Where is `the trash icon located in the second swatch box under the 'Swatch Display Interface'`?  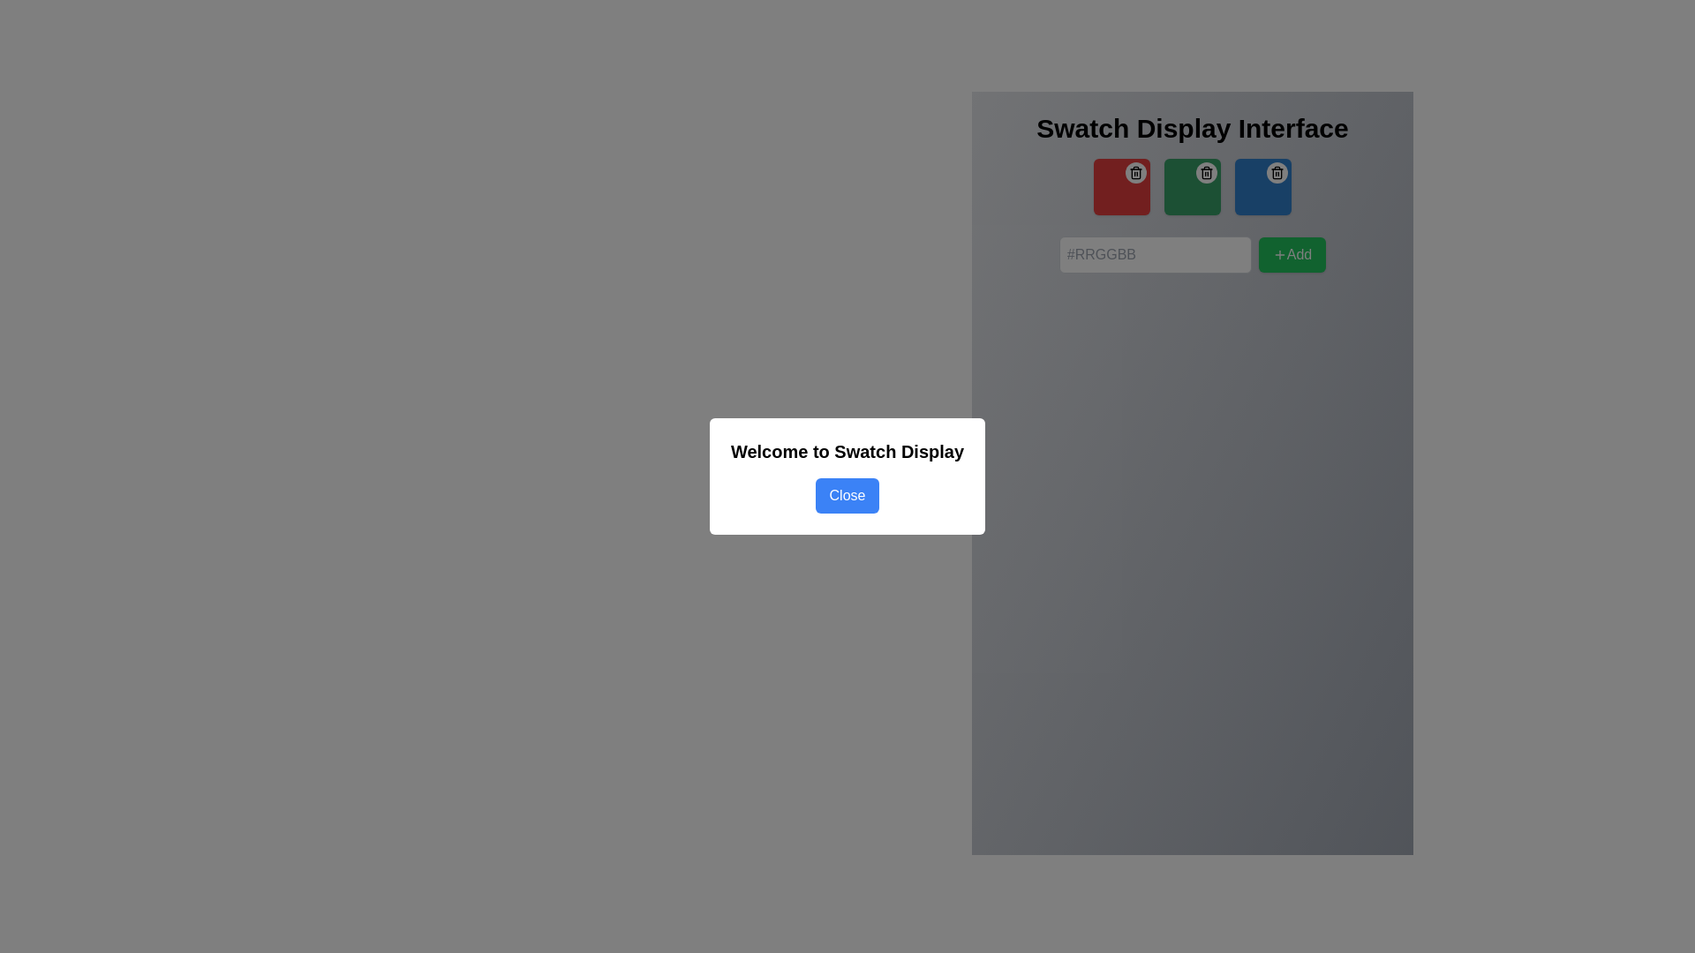
the trash icon located in the second swatch box under the 'Swatch Display Interface' is located at coordinates (1192, 187).